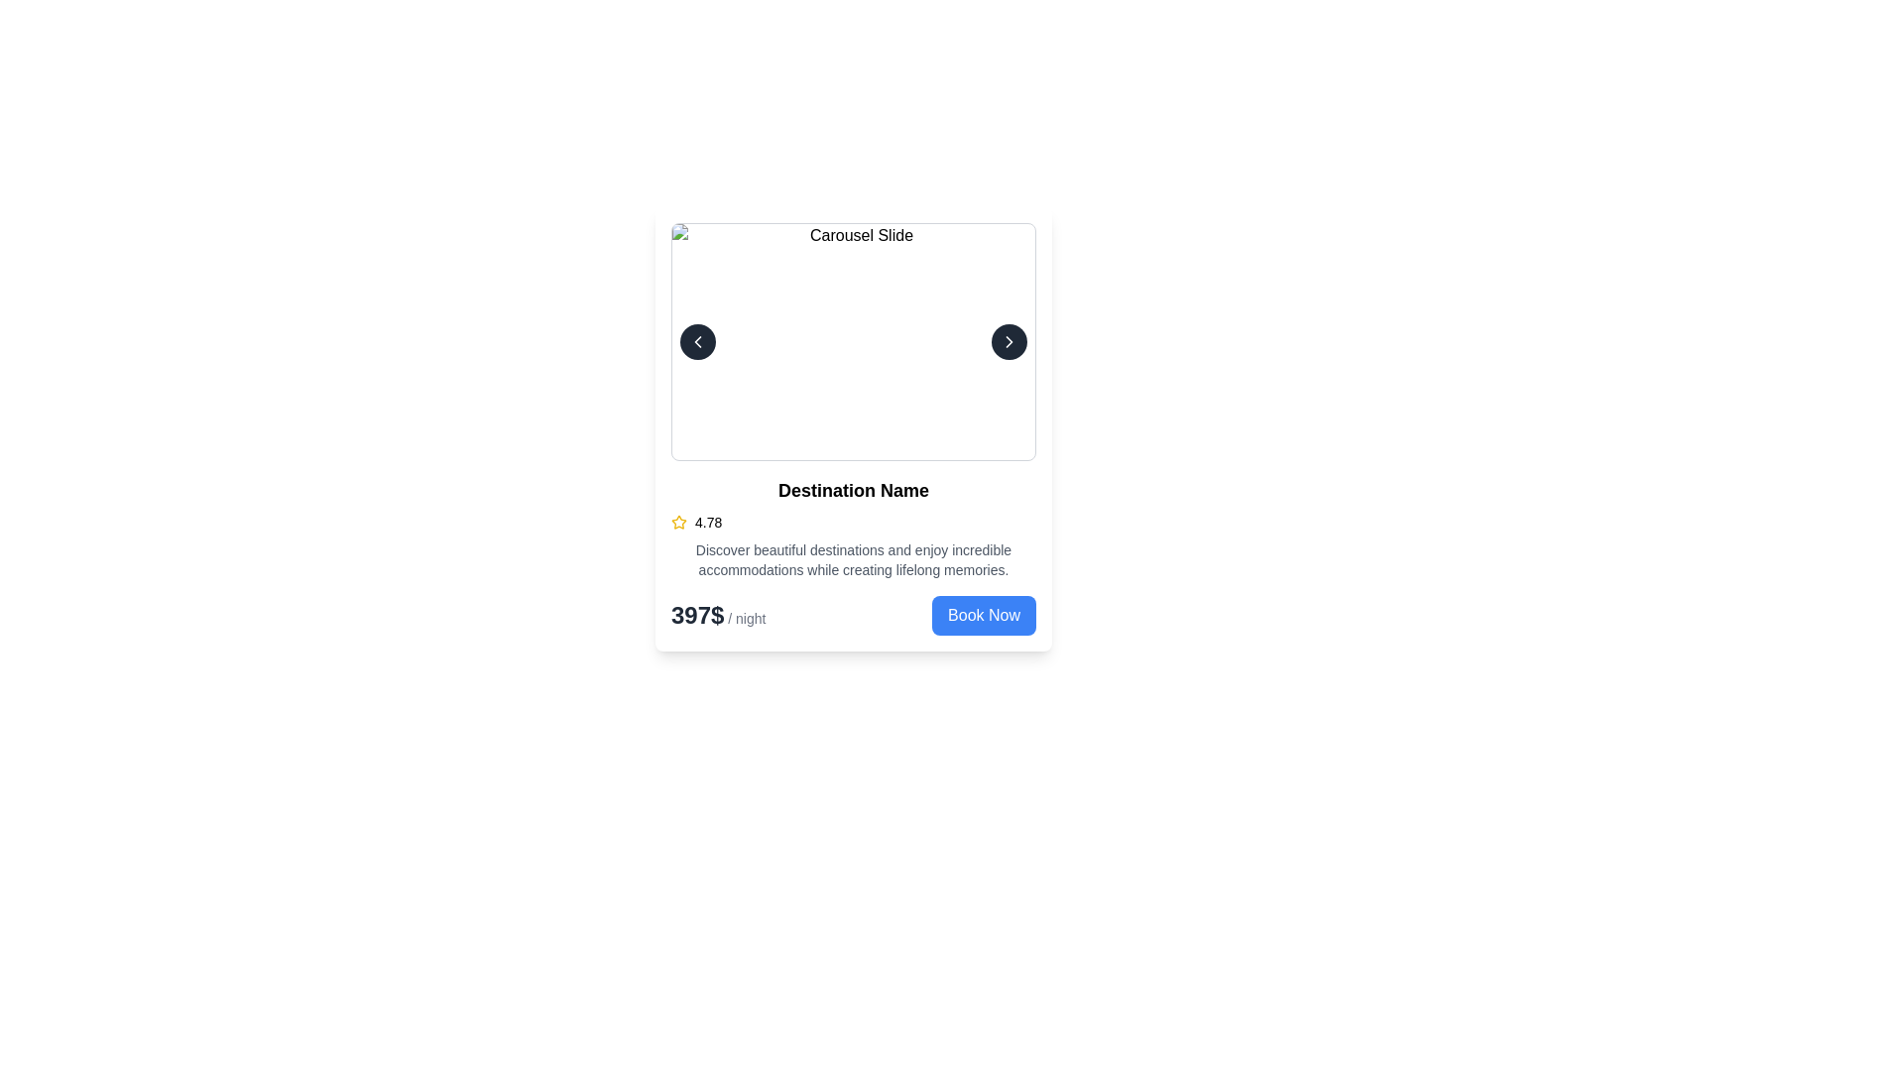 The height and width of the screenshot is (1071, 1904). Describe the element at coordinates (1009, 340) in the screenshot. I see `the right-pointing chevron arrow icon located on the right side of the carousel slide interface` at that location.